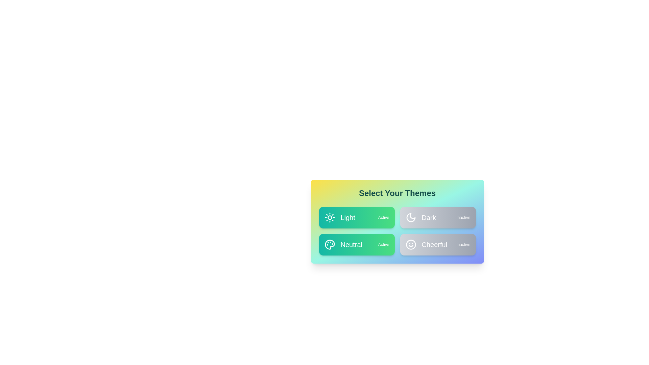  I want to click on the theme card for Dark to observe its hover effect, so click(438, 218).